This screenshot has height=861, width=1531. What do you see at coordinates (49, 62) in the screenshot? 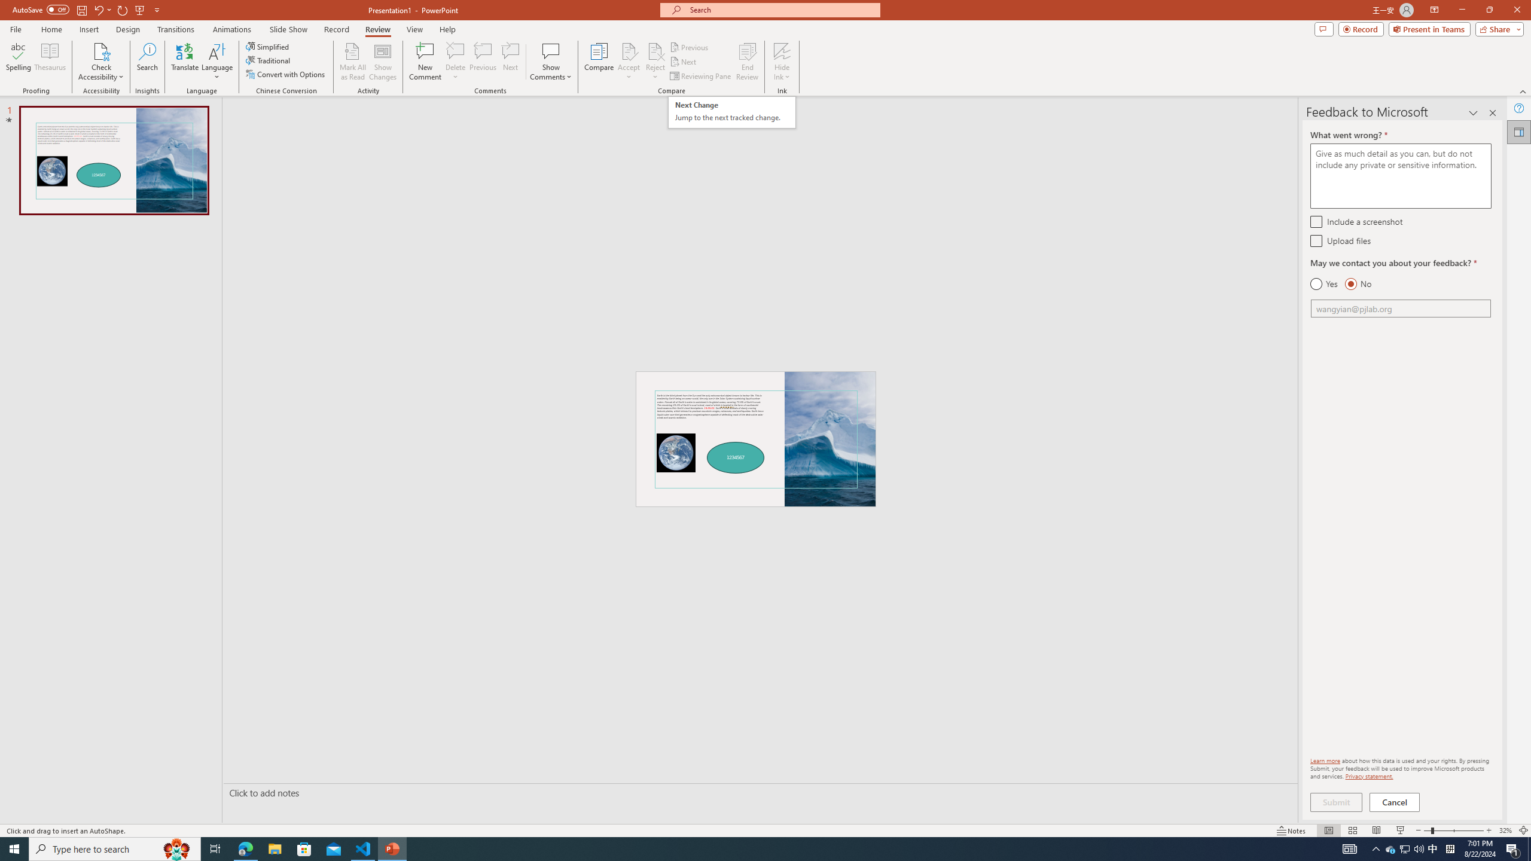
I see `'Thesaurus...'` at bounding box center [49, 62].